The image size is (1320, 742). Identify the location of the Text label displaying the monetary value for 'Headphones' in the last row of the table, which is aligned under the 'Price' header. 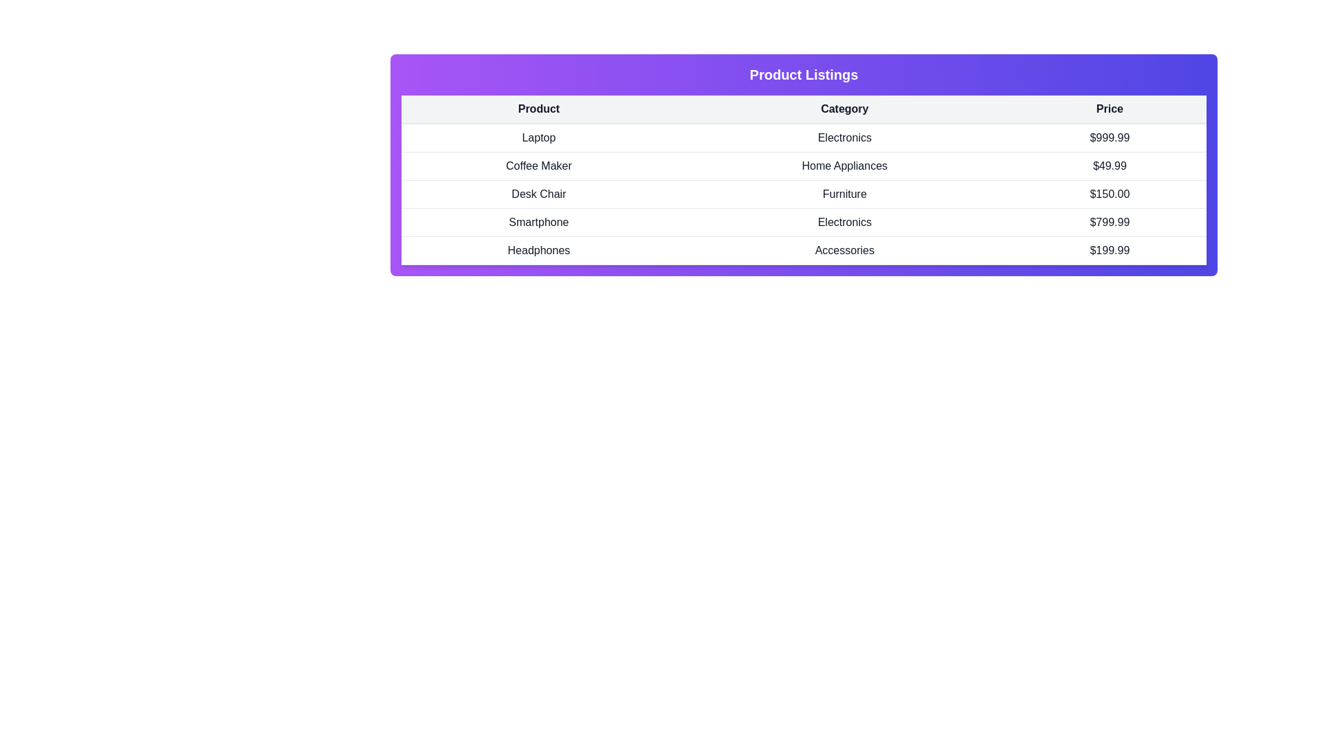
(1110, 251).